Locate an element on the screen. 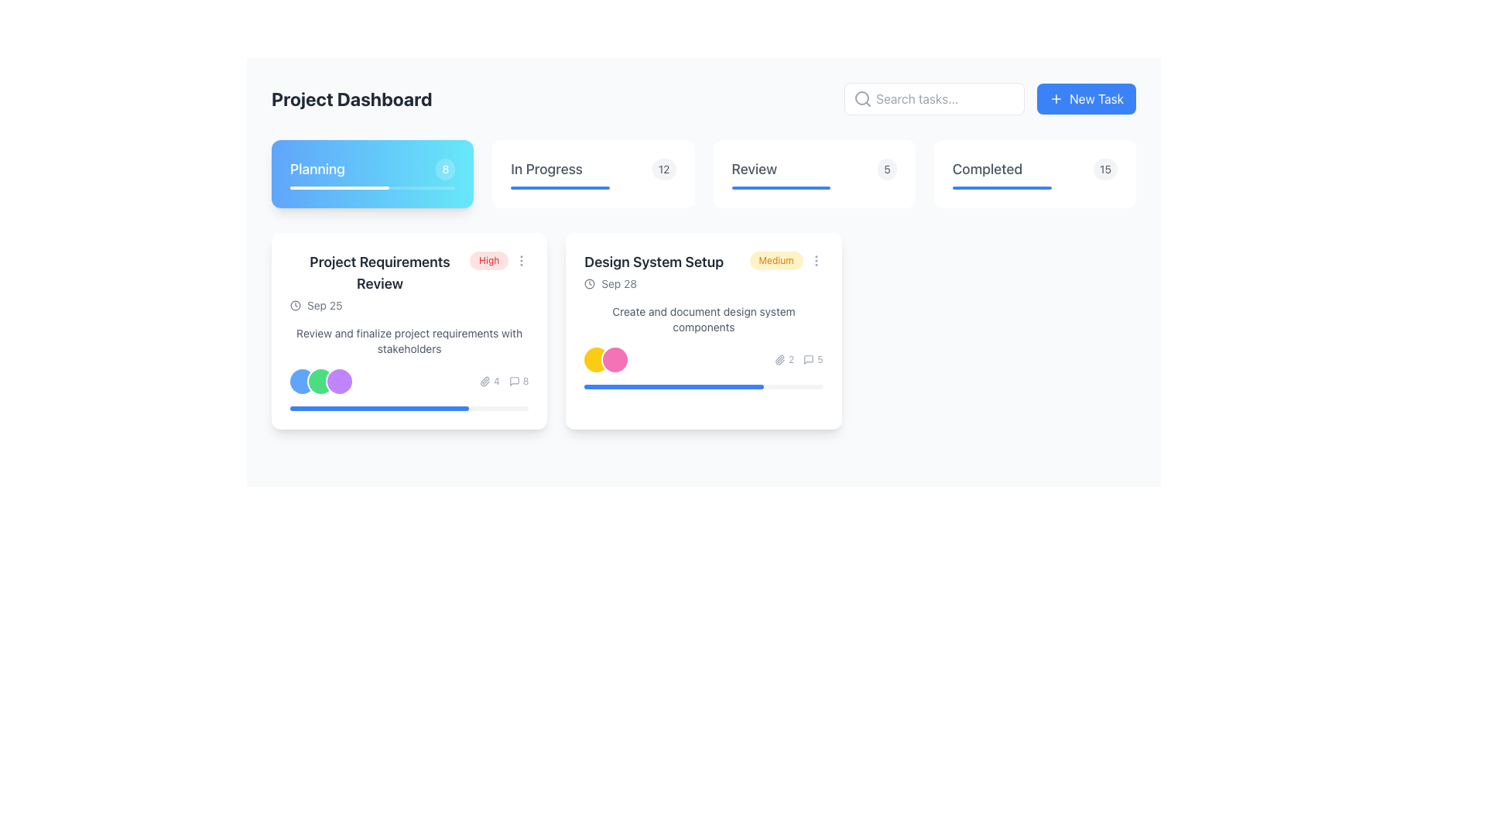  the static text block displaying 'Create and document design system components' within the 'Design System Setup' card is located at coordinates (703, 318).